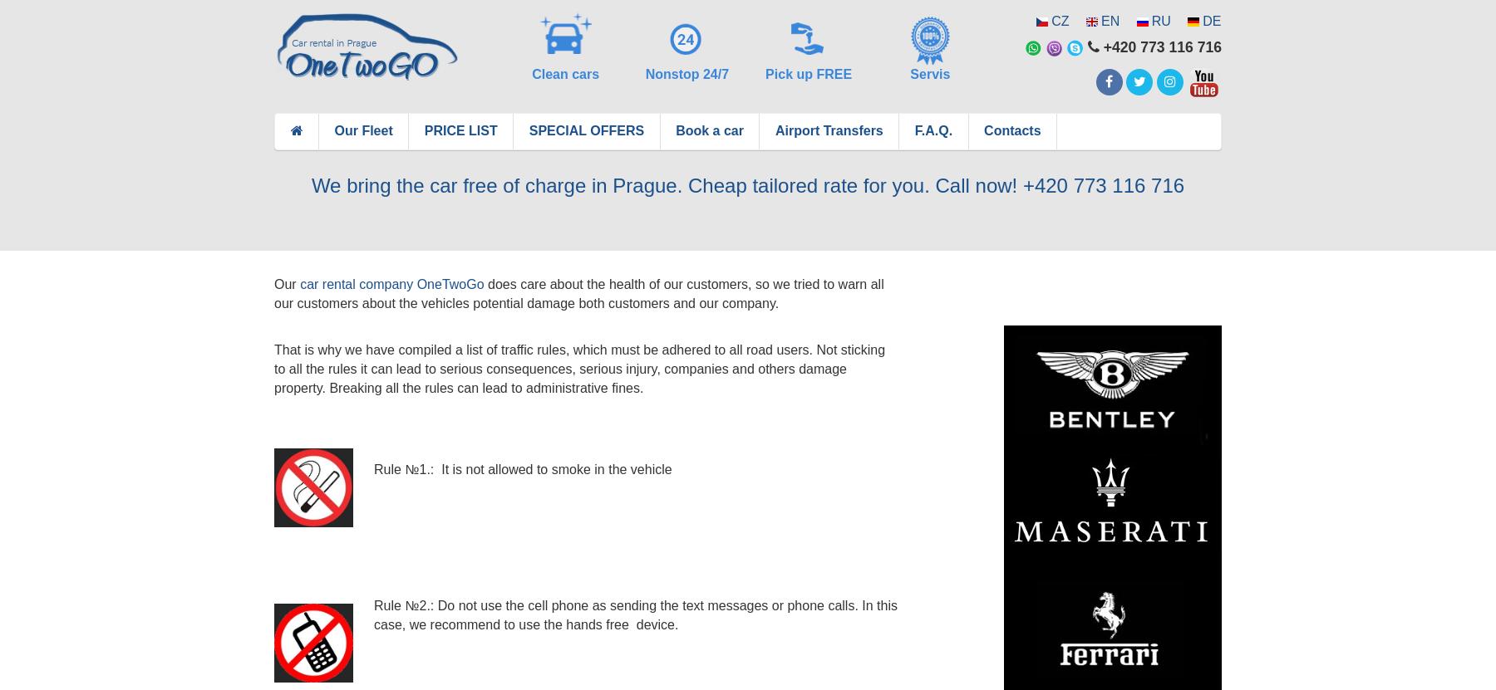  Describe the element at coordinates (1211, 21) in the screenshot. I see `'DE'` at that location.